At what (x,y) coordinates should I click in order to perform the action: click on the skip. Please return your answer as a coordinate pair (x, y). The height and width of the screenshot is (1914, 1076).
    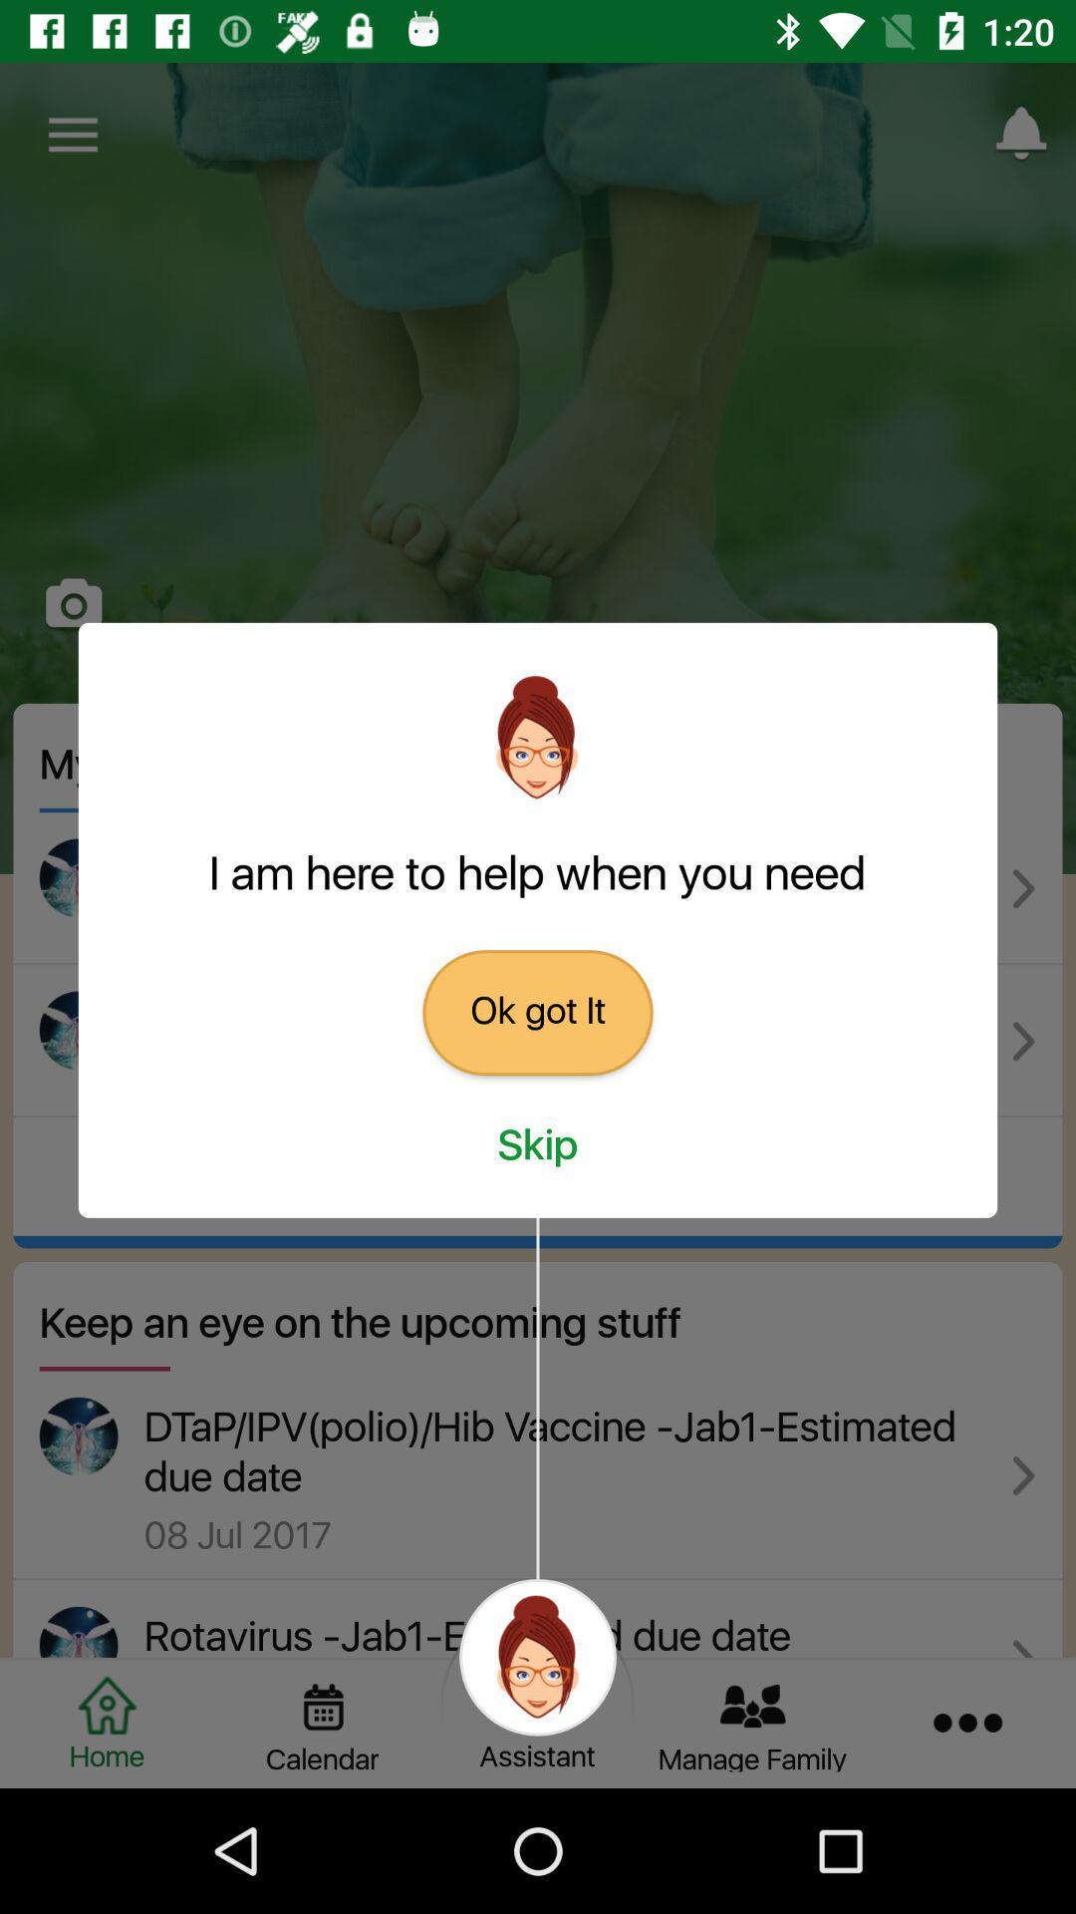
    Looking at the image, I should click on (538, 1146).